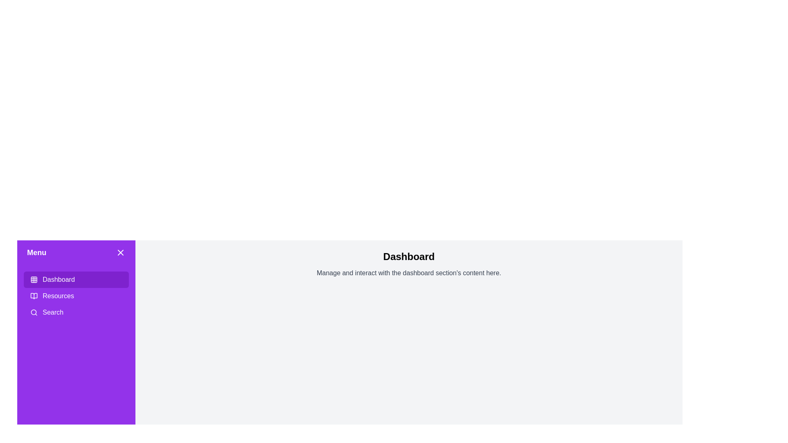 This screenshot has width=788, height=443. What do you see at coordinates (120, 252) in the screenshot?
I see `the small square-shaped close button with a white 'X' icon on a solid purple background, located at the top-right corner of the 'Menu' toolbar` at bounding box center [120, 252].